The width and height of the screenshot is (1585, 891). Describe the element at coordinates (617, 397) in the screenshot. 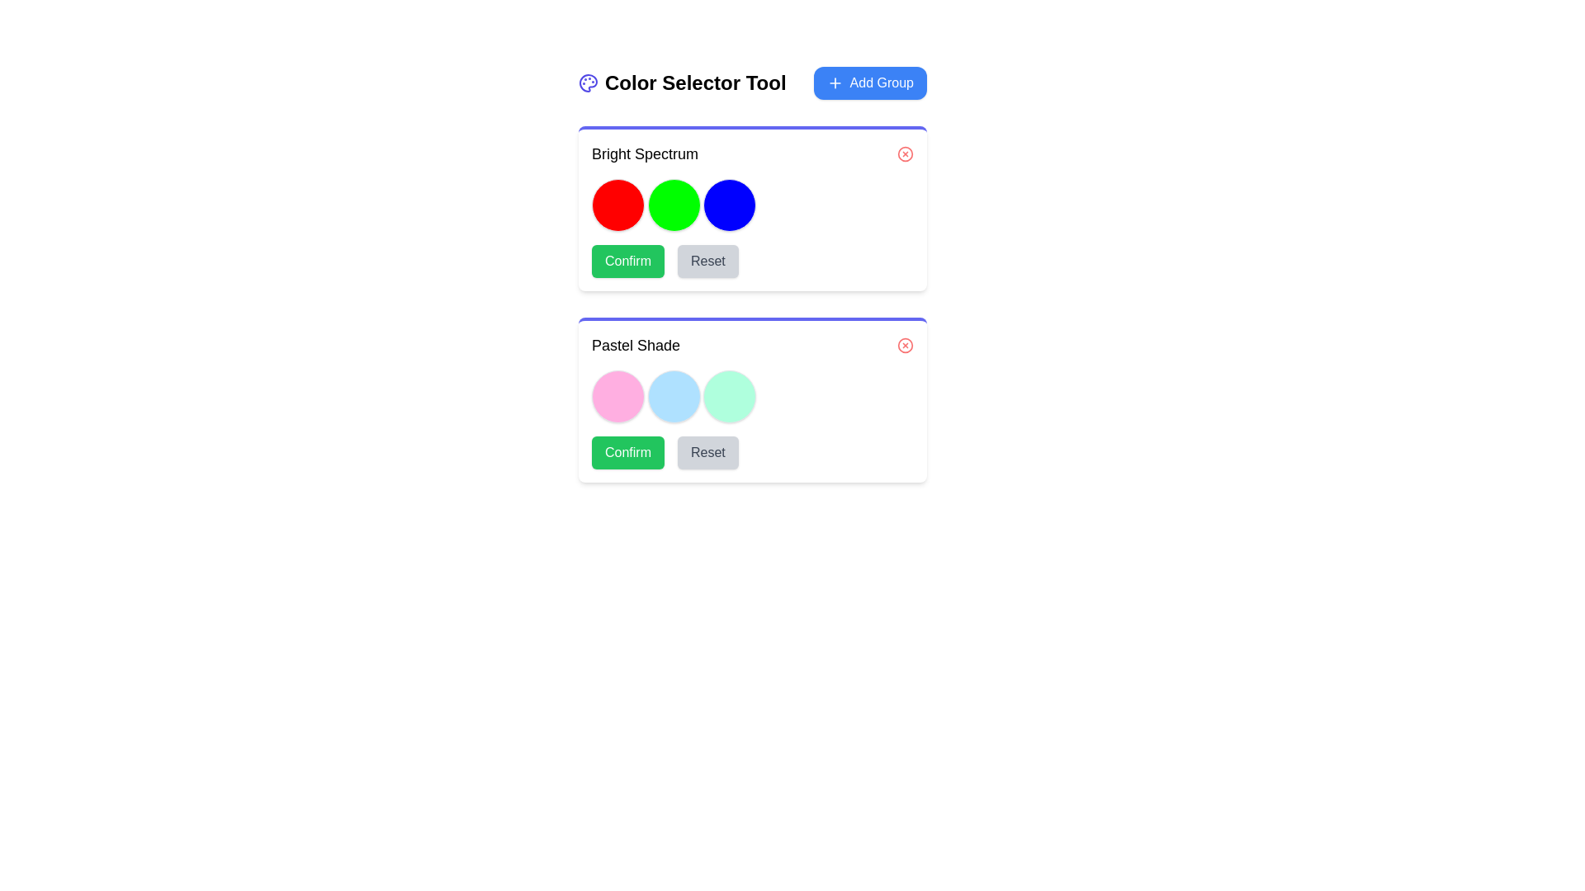

I see `the first selectable color option, which is a circular component with a pink background, to indicate a preview or interaction possibility` at that location.